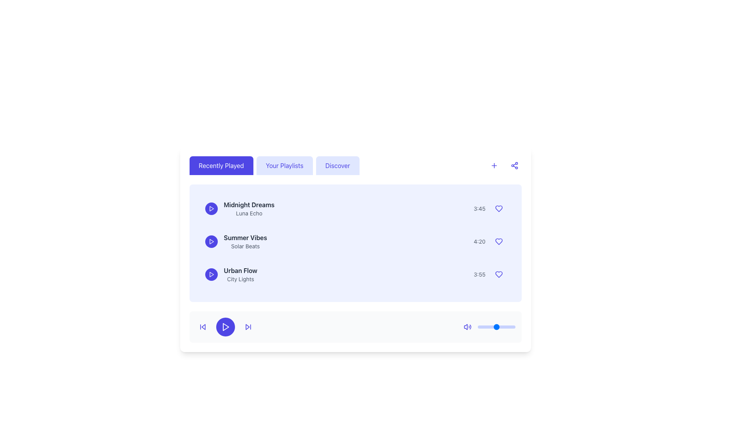  What do you see at coordinates (249, 204) in the screenshot?
I see `the text label displaying 'Midnight Dreams', which is in bold dark gray font, located above 'Luna Echo' in the recently played section` at bounding box center [249, 204].